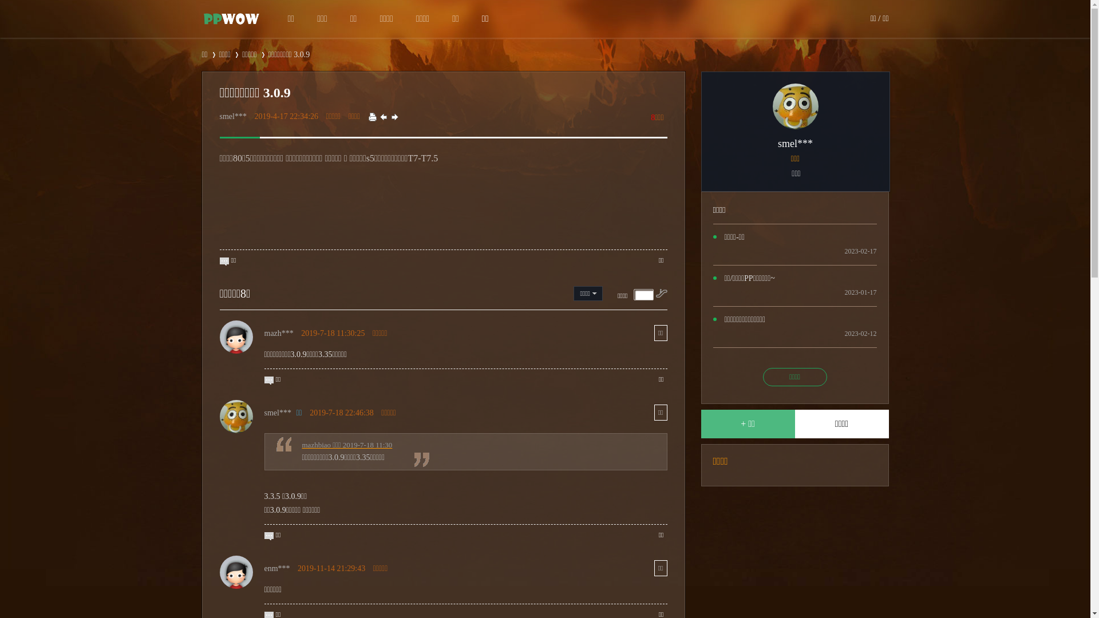 The image size is (1099, 618). Describe the element at coordinates (220, 116) in the screenshot. I see `'smel***'` at that location.